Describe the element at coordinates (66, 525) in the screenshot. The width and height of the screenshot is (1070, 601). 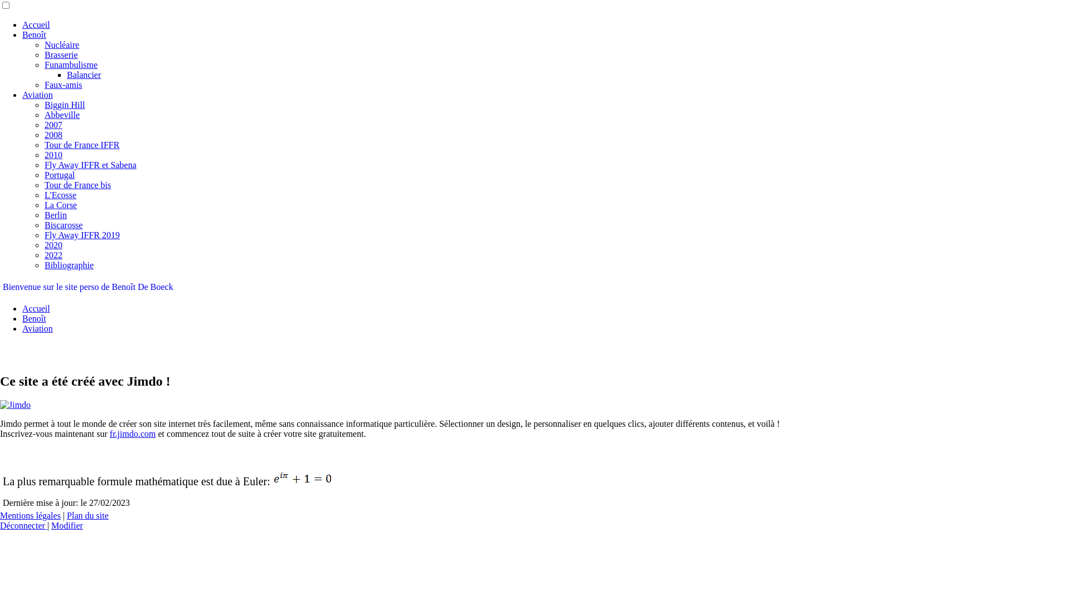
I see `'Modifier'` at that location.